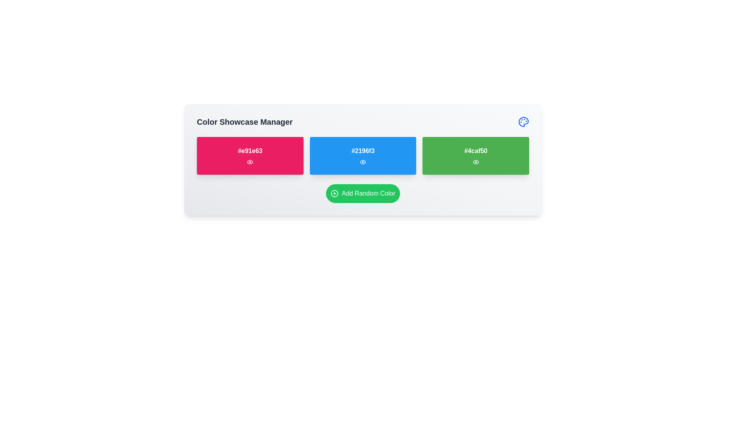 The image size is (756, 425). What do you see at coordinates (523, 122) in the screenshot?
I see `the color palette icon located in the top-right corner of the 'Color Showcase Manager' panel, next to the header text` at bounding box center [523, 122].